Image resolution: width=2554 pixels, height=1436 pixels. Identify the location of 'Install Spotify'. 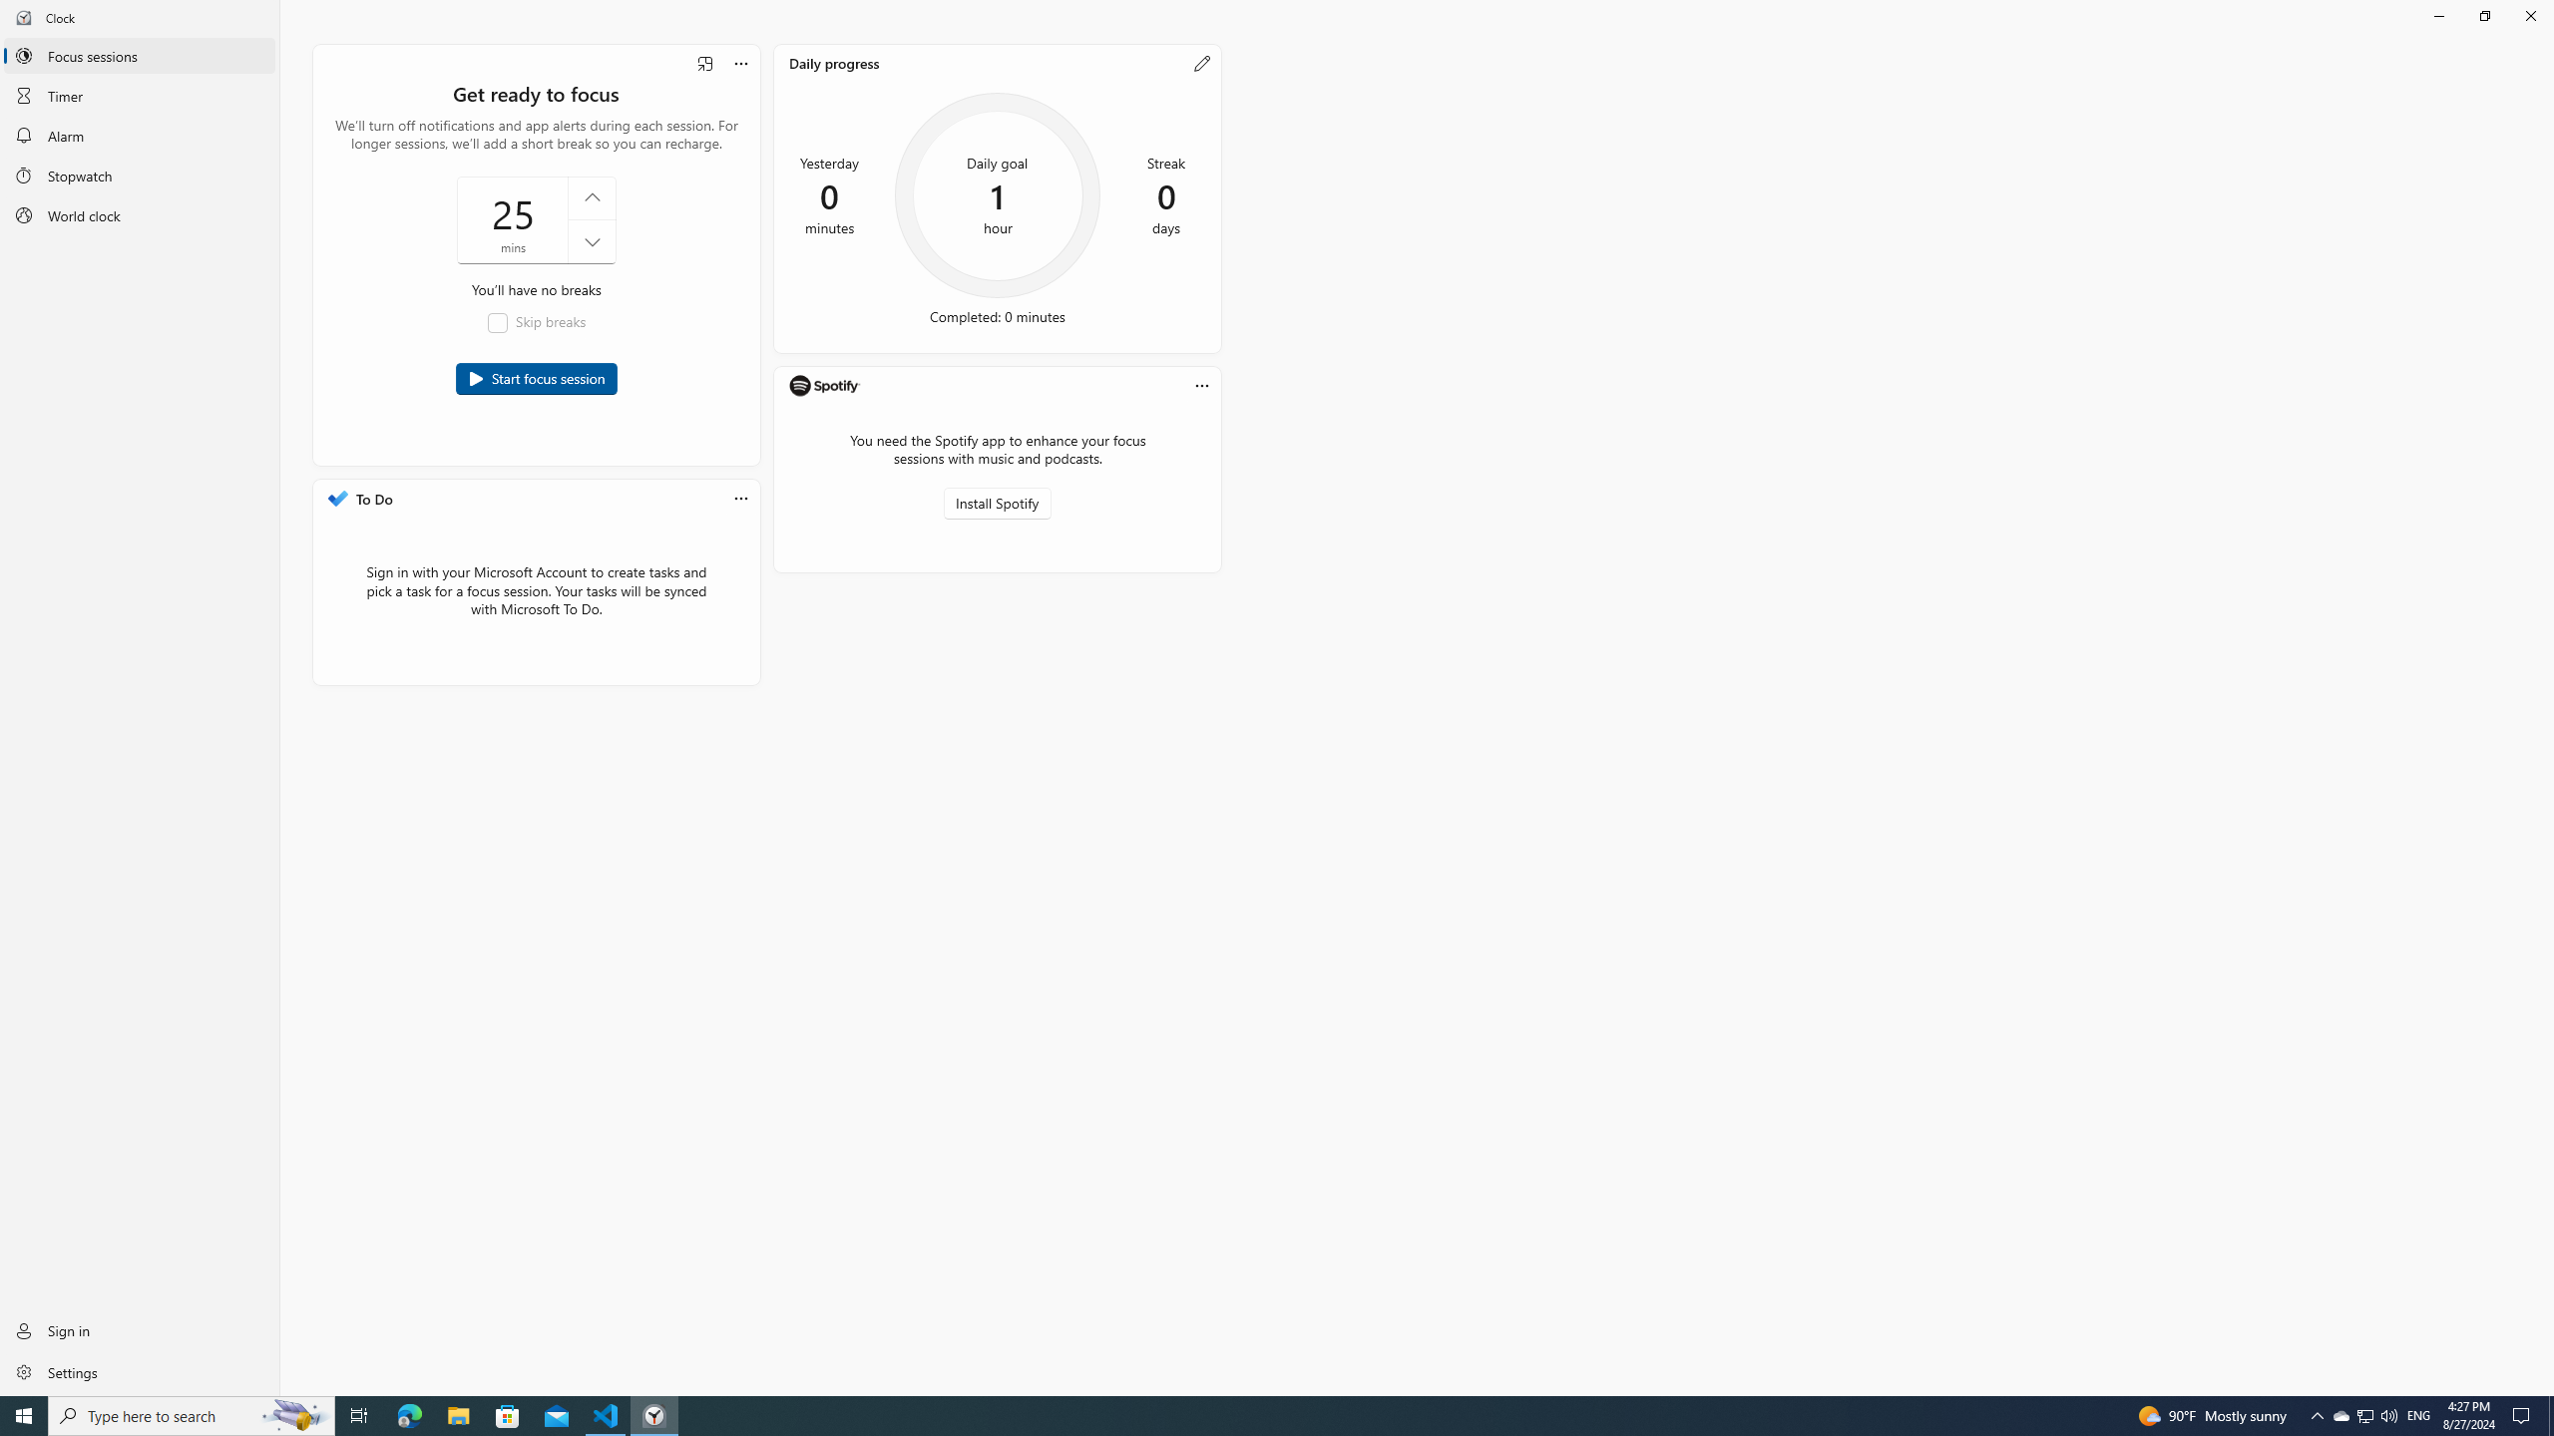
(997, 504).